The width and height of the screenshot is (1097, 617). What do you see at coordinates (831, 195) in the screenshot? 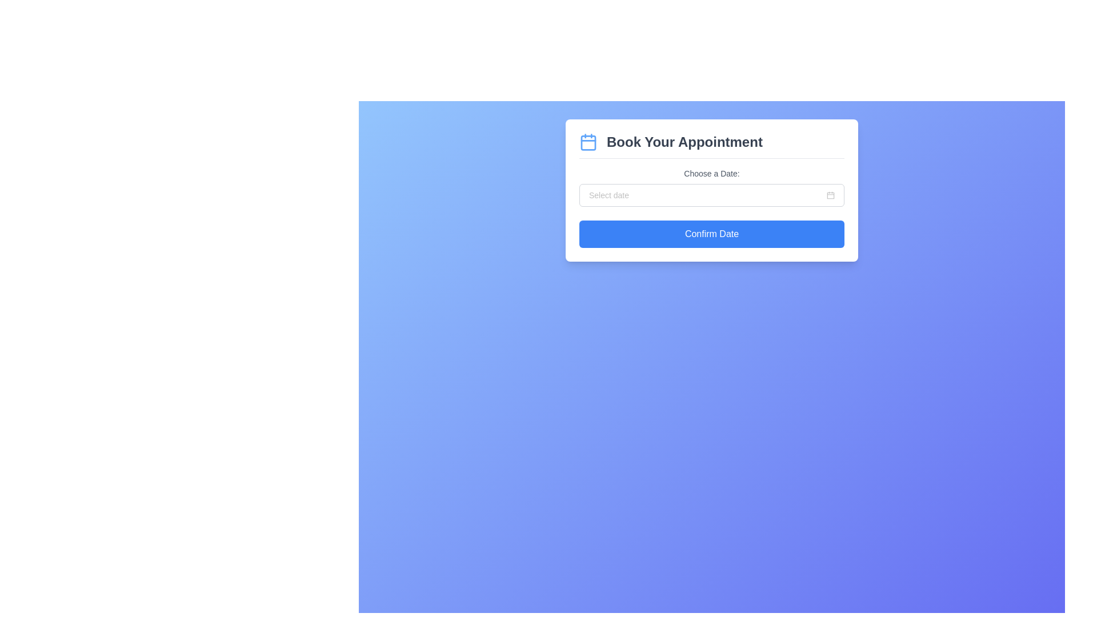
I see `the calendar icon located within the 'Select date' input box` at bounding box center [831, 195].